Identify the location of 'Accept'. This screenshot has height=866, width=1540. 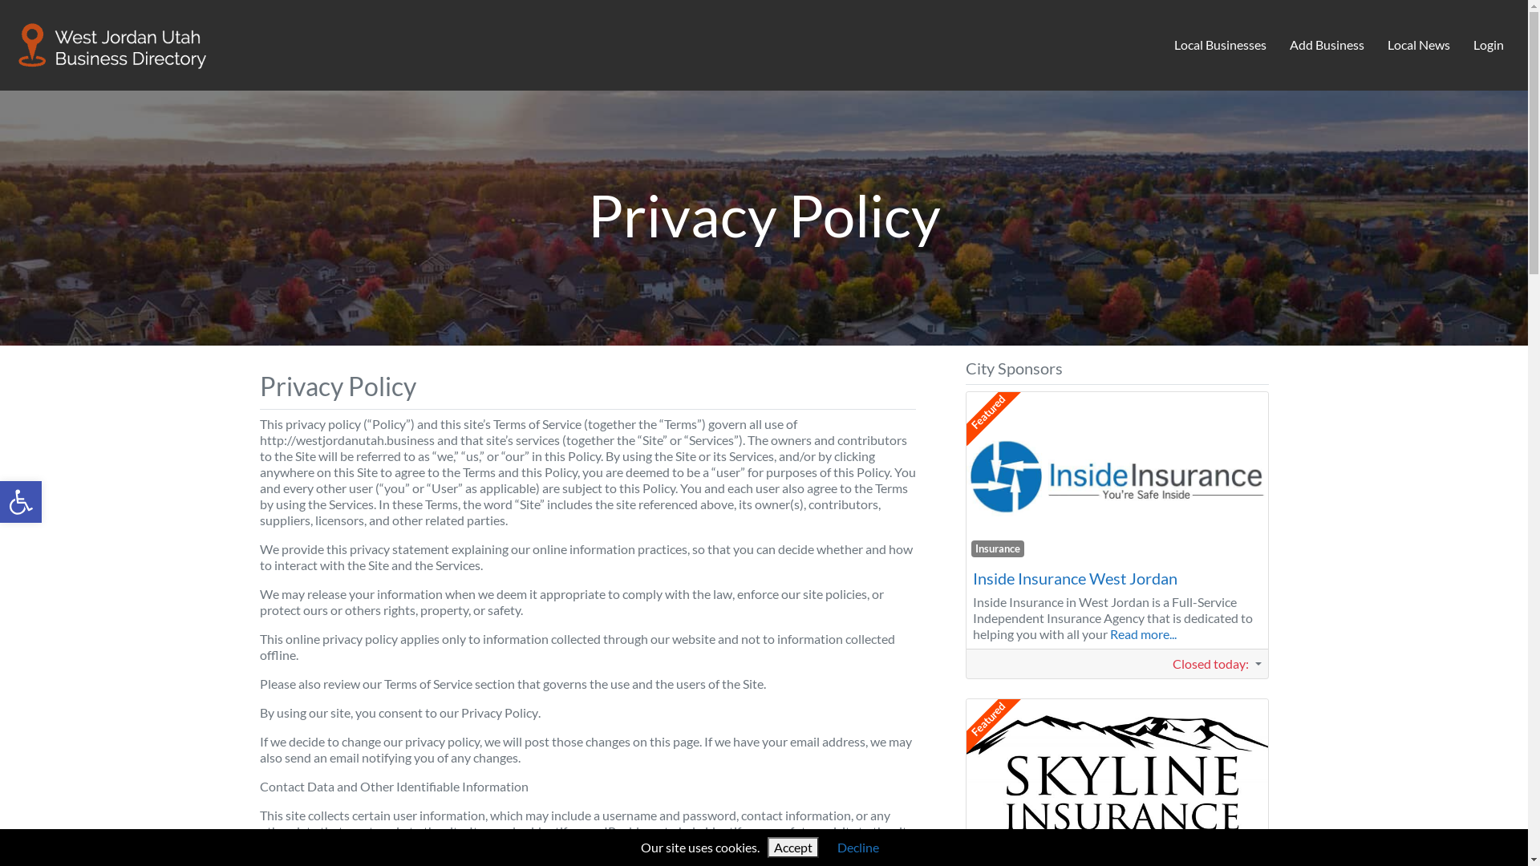
(792, 846).